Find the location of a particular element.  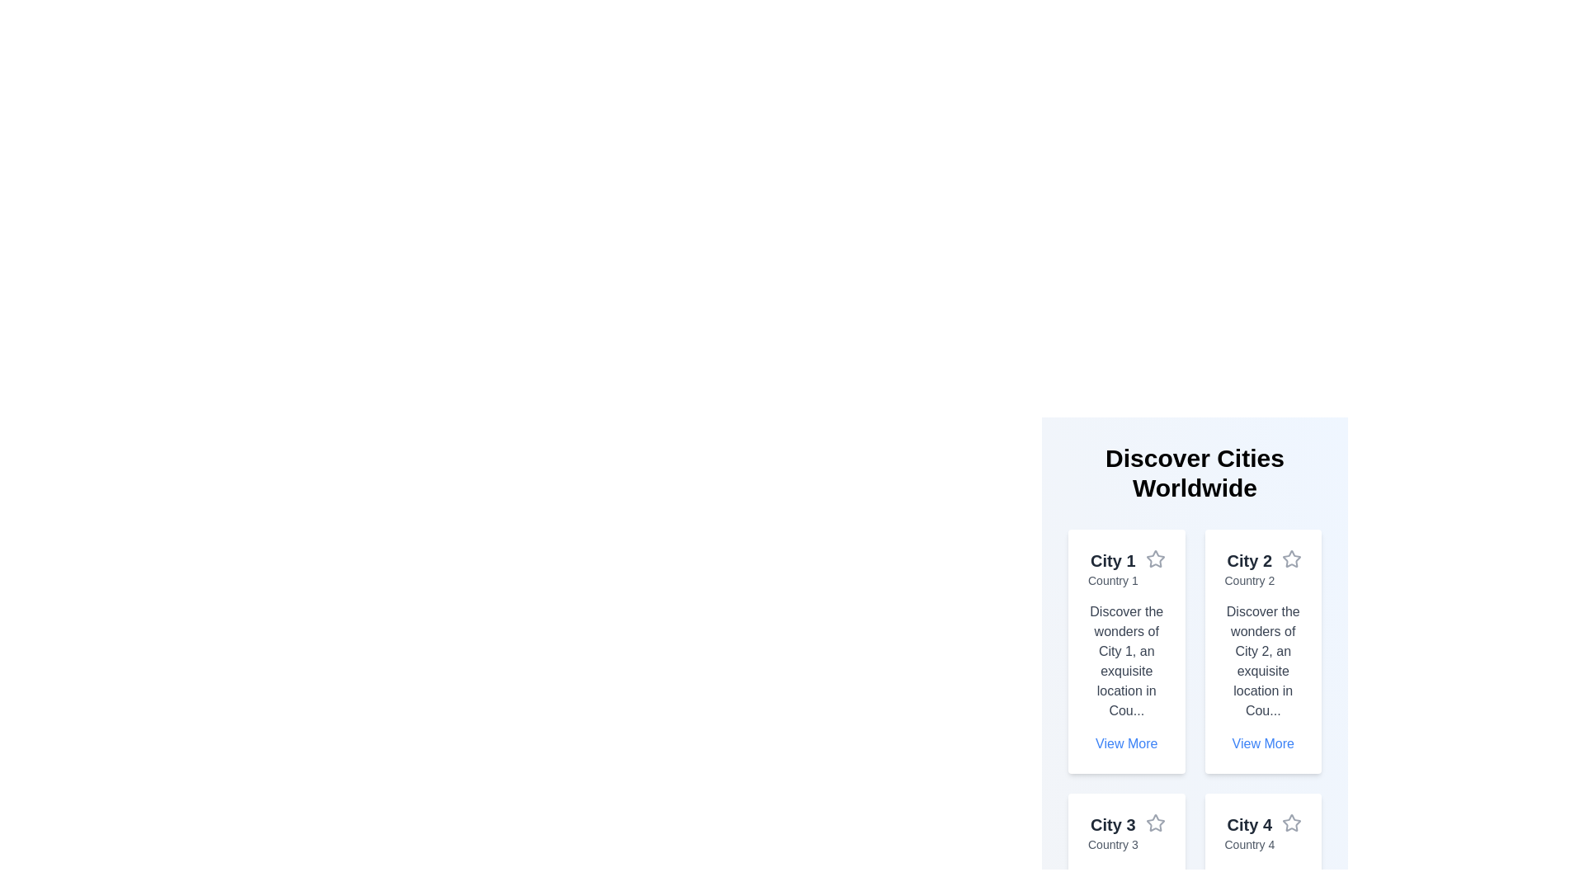

the star-shaped interactive icon located to the right of the text area describing 'City 1' and 'Country 1' for additional interaction feedback is located at coordinates (1154, 559).